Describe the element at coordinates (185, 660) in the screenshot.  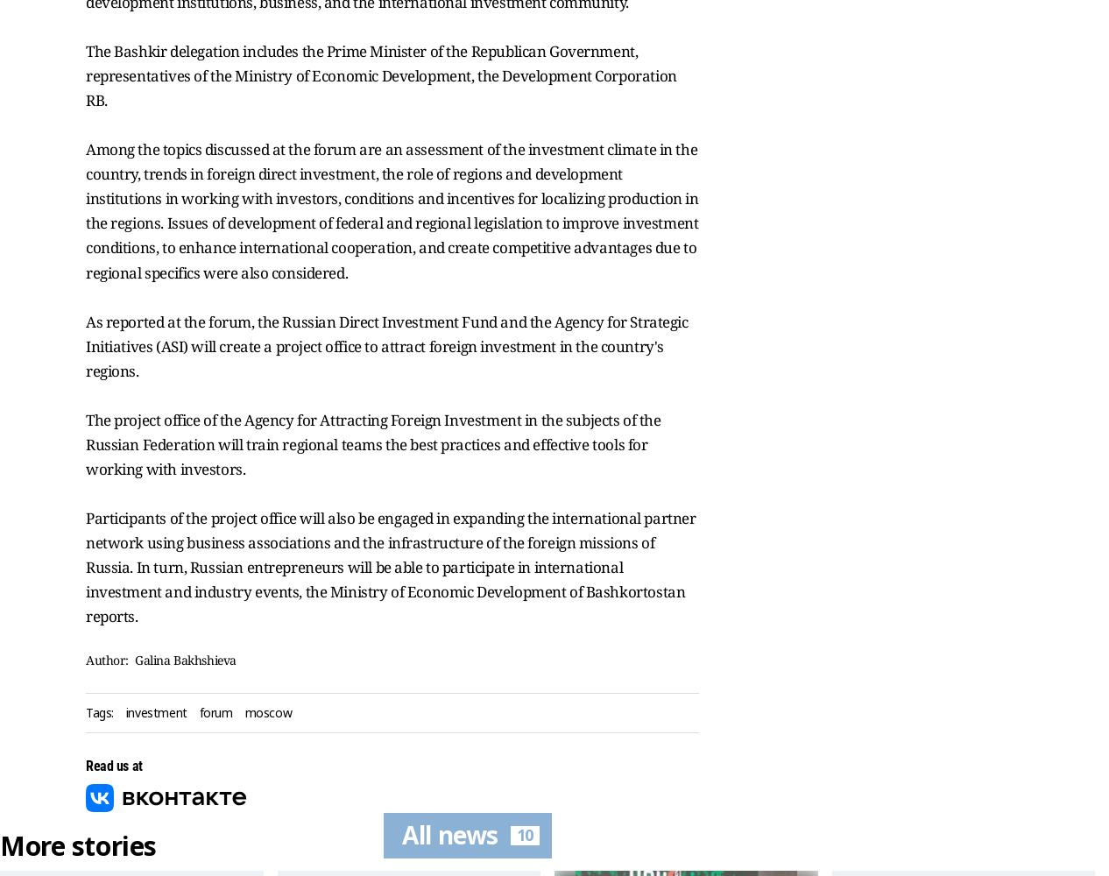
I see `'Galina Bakhshieva'` at that location.